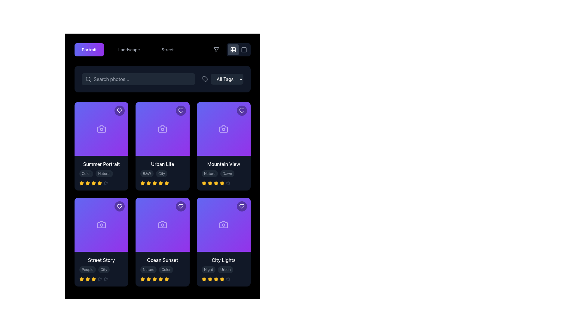 The image size is (577, 324). What do you see at coordinates (142, 183) in the screenshot?
I see `the first yellow star icon in the five-star rating system located beneath the 'Urban Life' card in the second column of the content grid, in the second row of cards` at bounding box center [142, 183].